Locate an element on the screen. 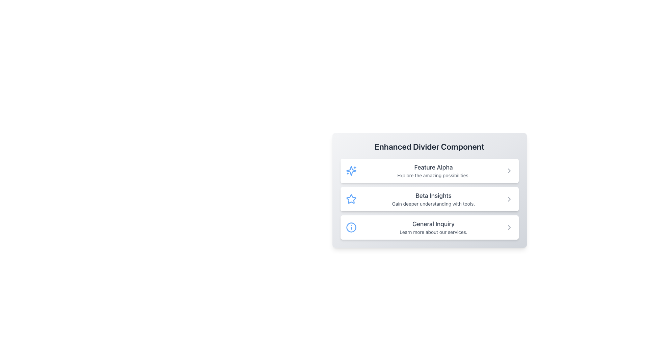  the text block titled 'Feature Alpha' that provides an overview description 'Explore the amazing possibilities' is located at coordinates (433, 170).